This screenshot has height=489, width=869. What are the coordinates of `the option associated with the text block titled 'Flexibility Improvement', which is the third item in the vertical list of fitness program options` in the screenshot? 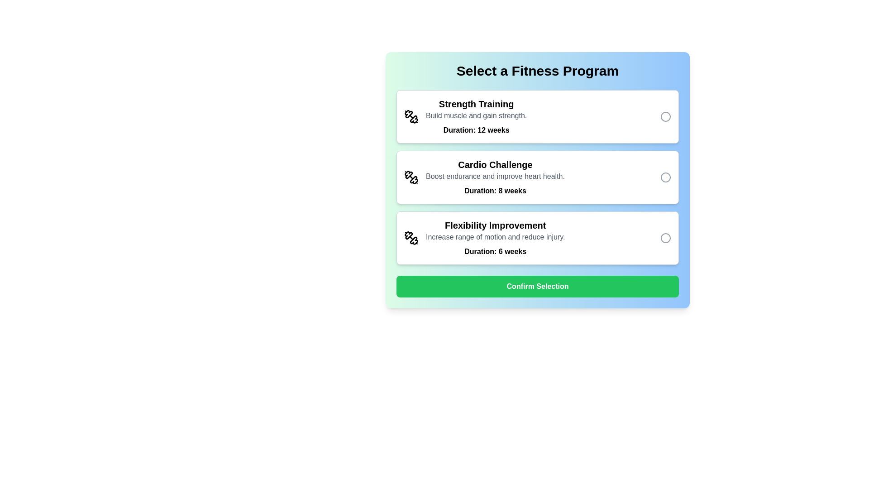 It's located at (495, 237).